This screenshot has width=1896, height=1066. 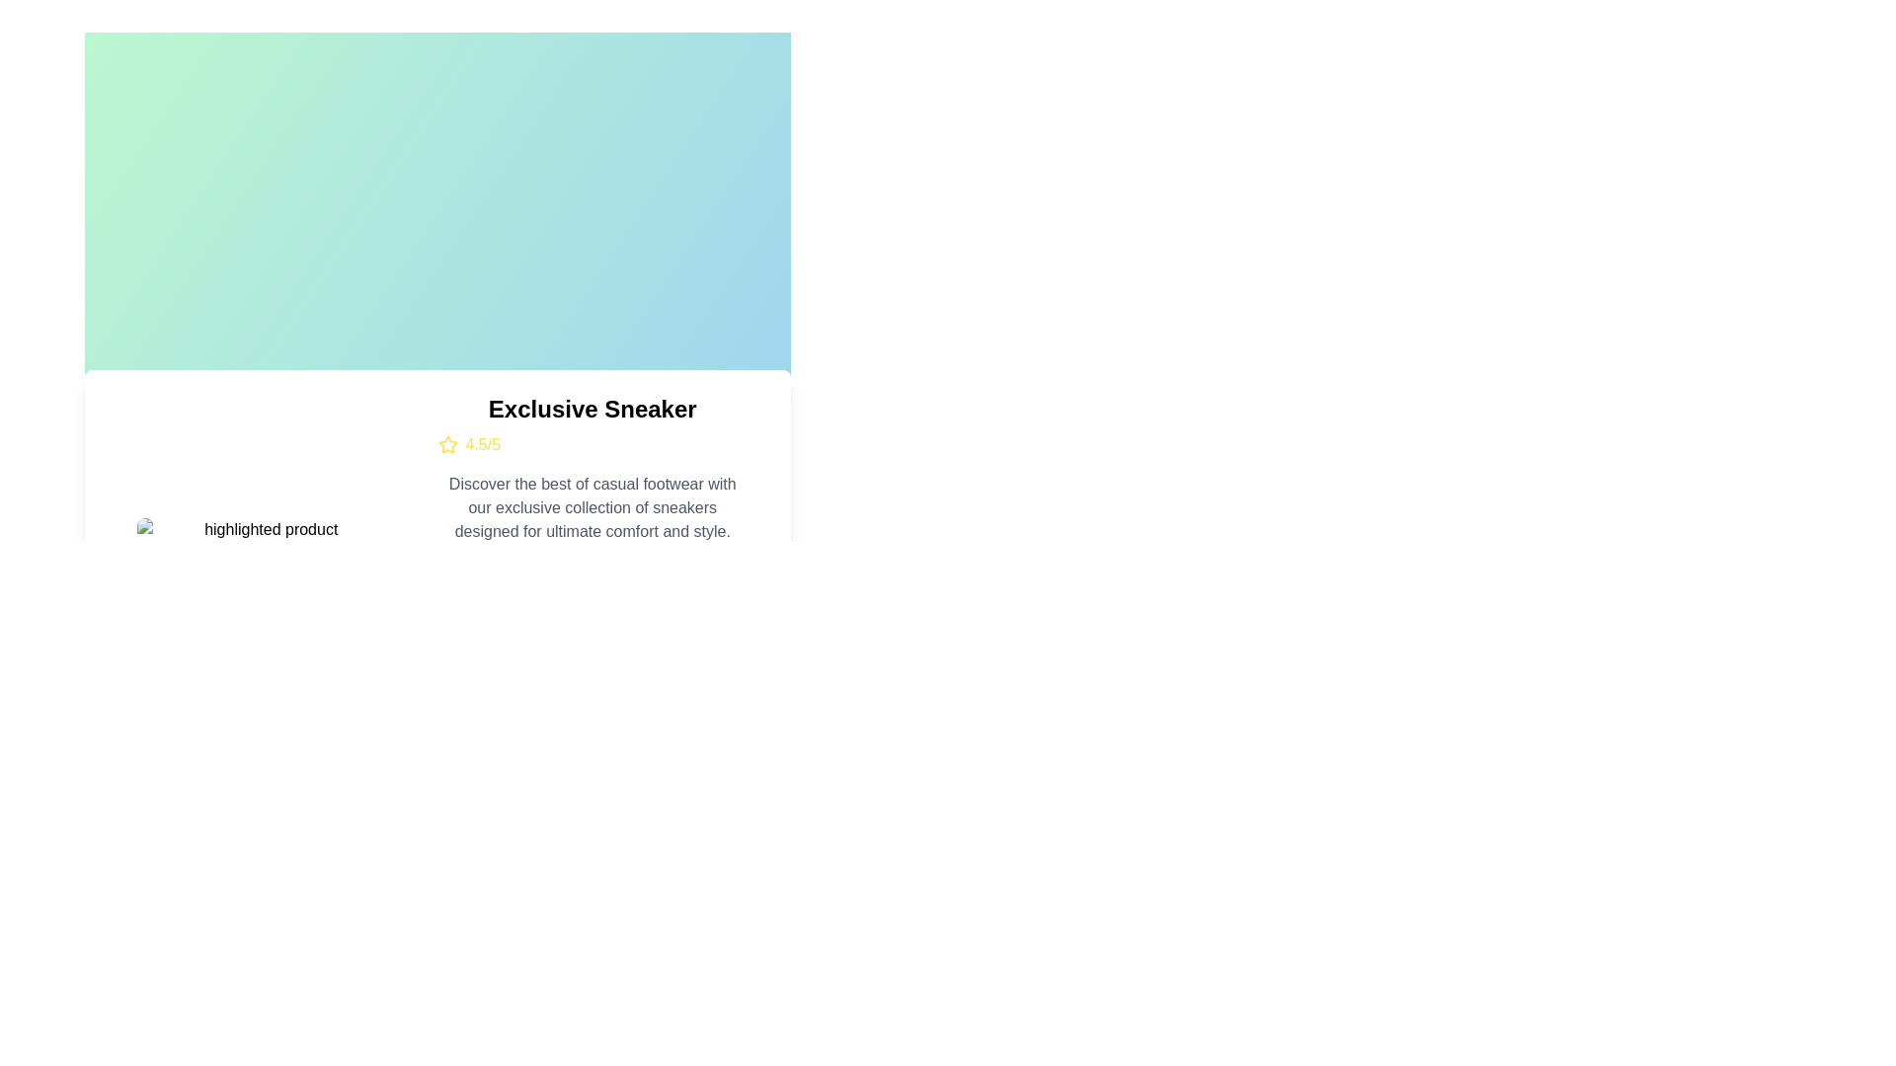 What do you see at coordinates (262, 588) in the screenshot?
I see `the button that adds an item to the shopping cart, located below the 'highlighted product' image in the e-commerce application` at bounding box center [262, 588].